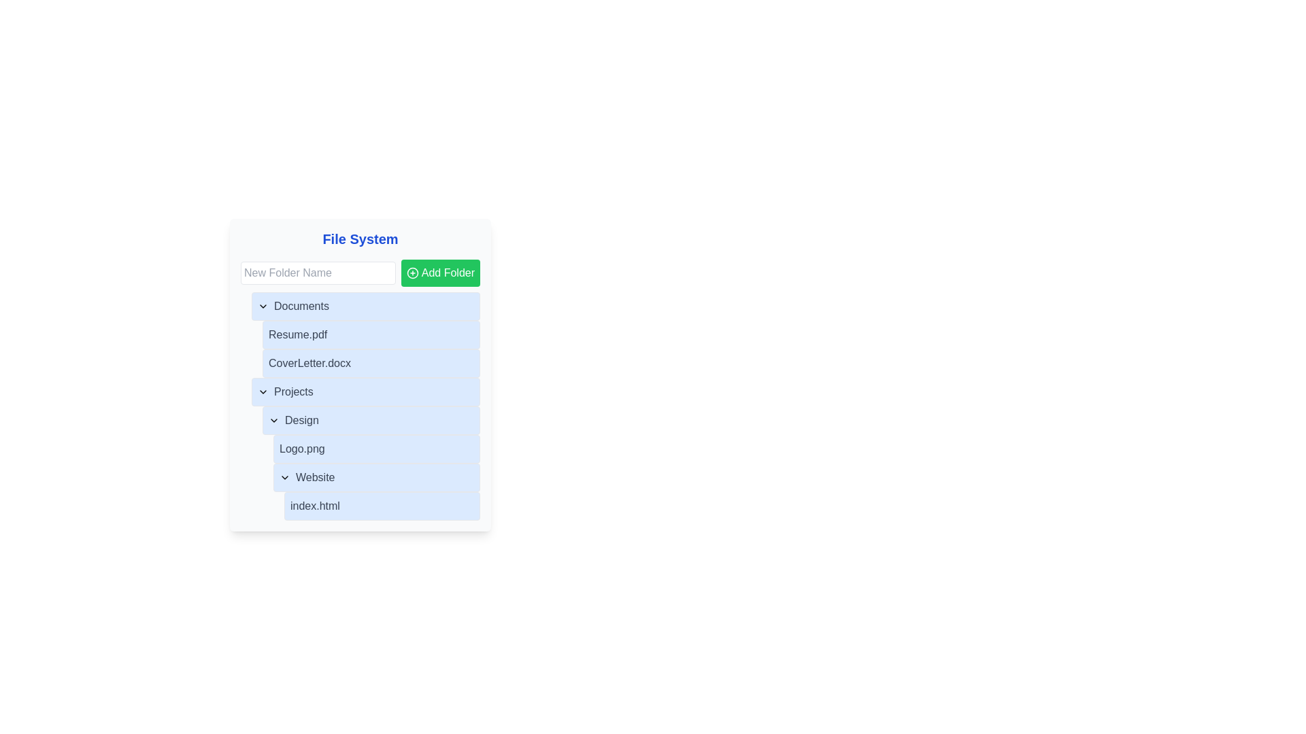 This screenshot has width=1306, height=734. Describe the element at coordinates (286, 476) in the screenshot. I see `the downward-pointing chevron icon rendered in black, which is positioned to the left of the text element labeled 'Website' within a light blue rectangular block` at that location.